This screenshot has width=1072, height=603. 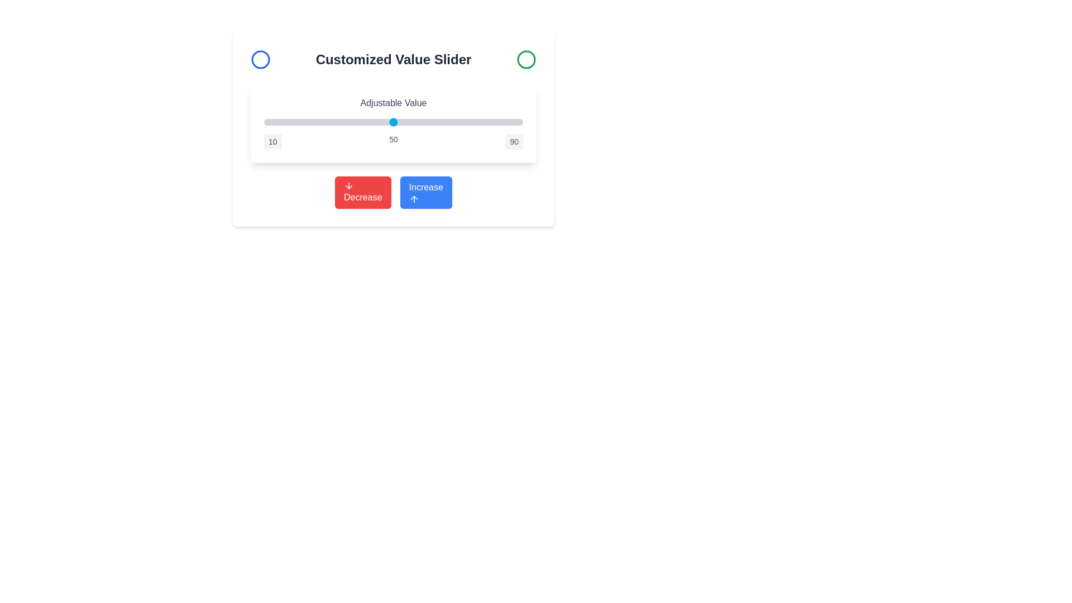 What do you see at coordinates (516, 122) in the screenshot?
I see `the slider value` at bounding box center [516, 122].